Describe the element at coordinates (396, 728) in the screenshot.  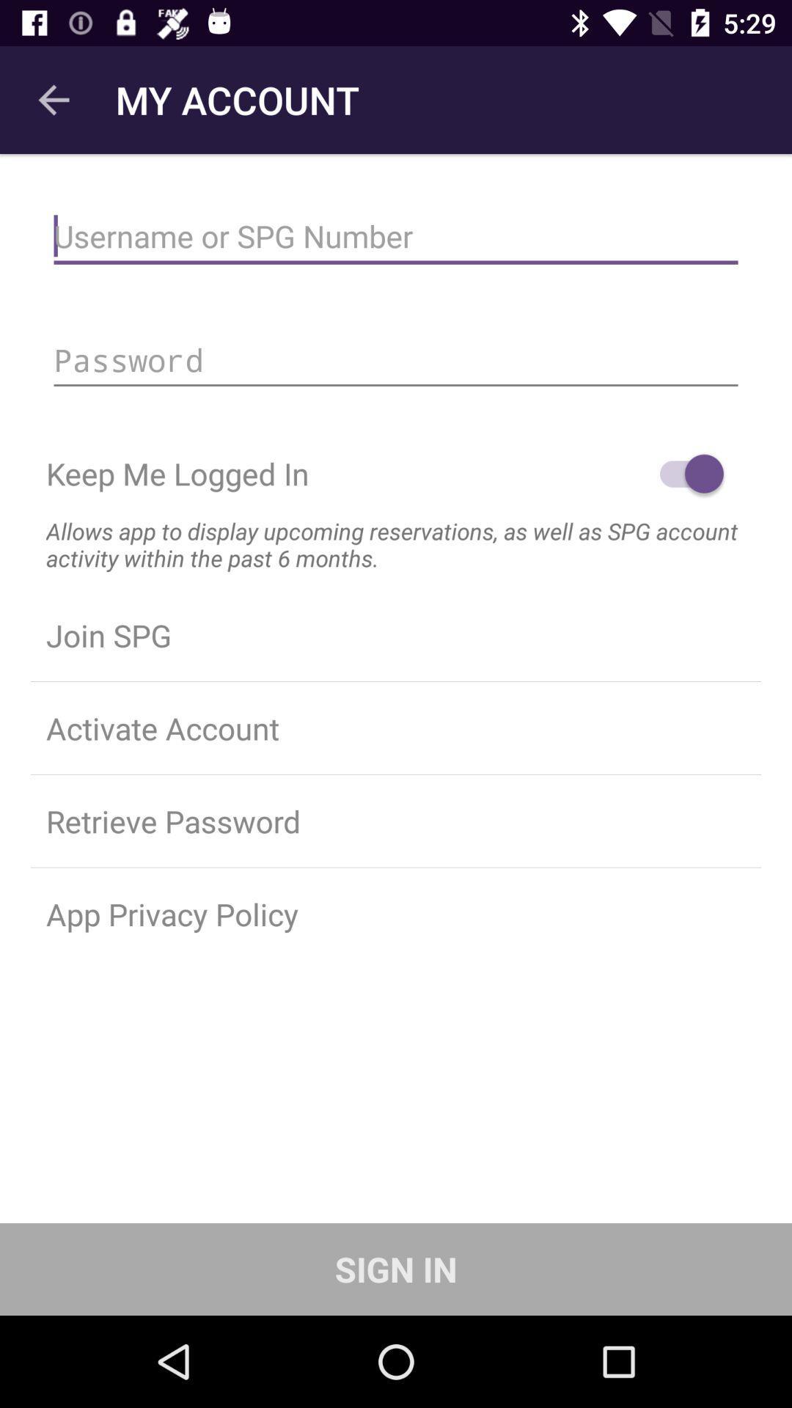
I see `icon below join spg` at that location.